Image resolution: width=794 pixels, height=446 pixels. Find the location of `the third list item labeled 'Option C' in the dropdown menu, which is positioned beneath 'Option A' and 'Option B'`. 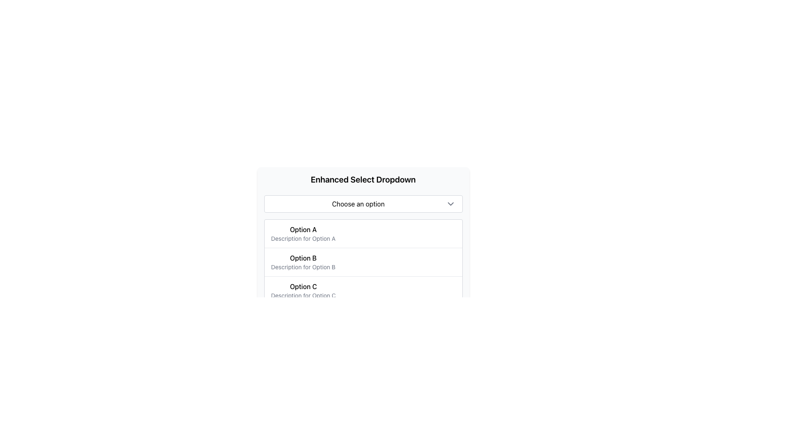

the third list item labeled 'Option C' in the dropdown menu, which is positioned beneath 'Option A' and 'Option B' is located at coordinates (306, 290).